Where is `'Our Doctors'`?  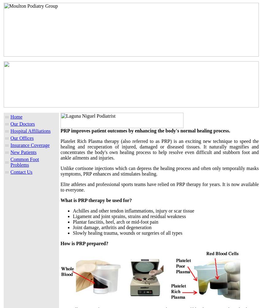 'Our Doctors' is located at coordinates (22, 124).